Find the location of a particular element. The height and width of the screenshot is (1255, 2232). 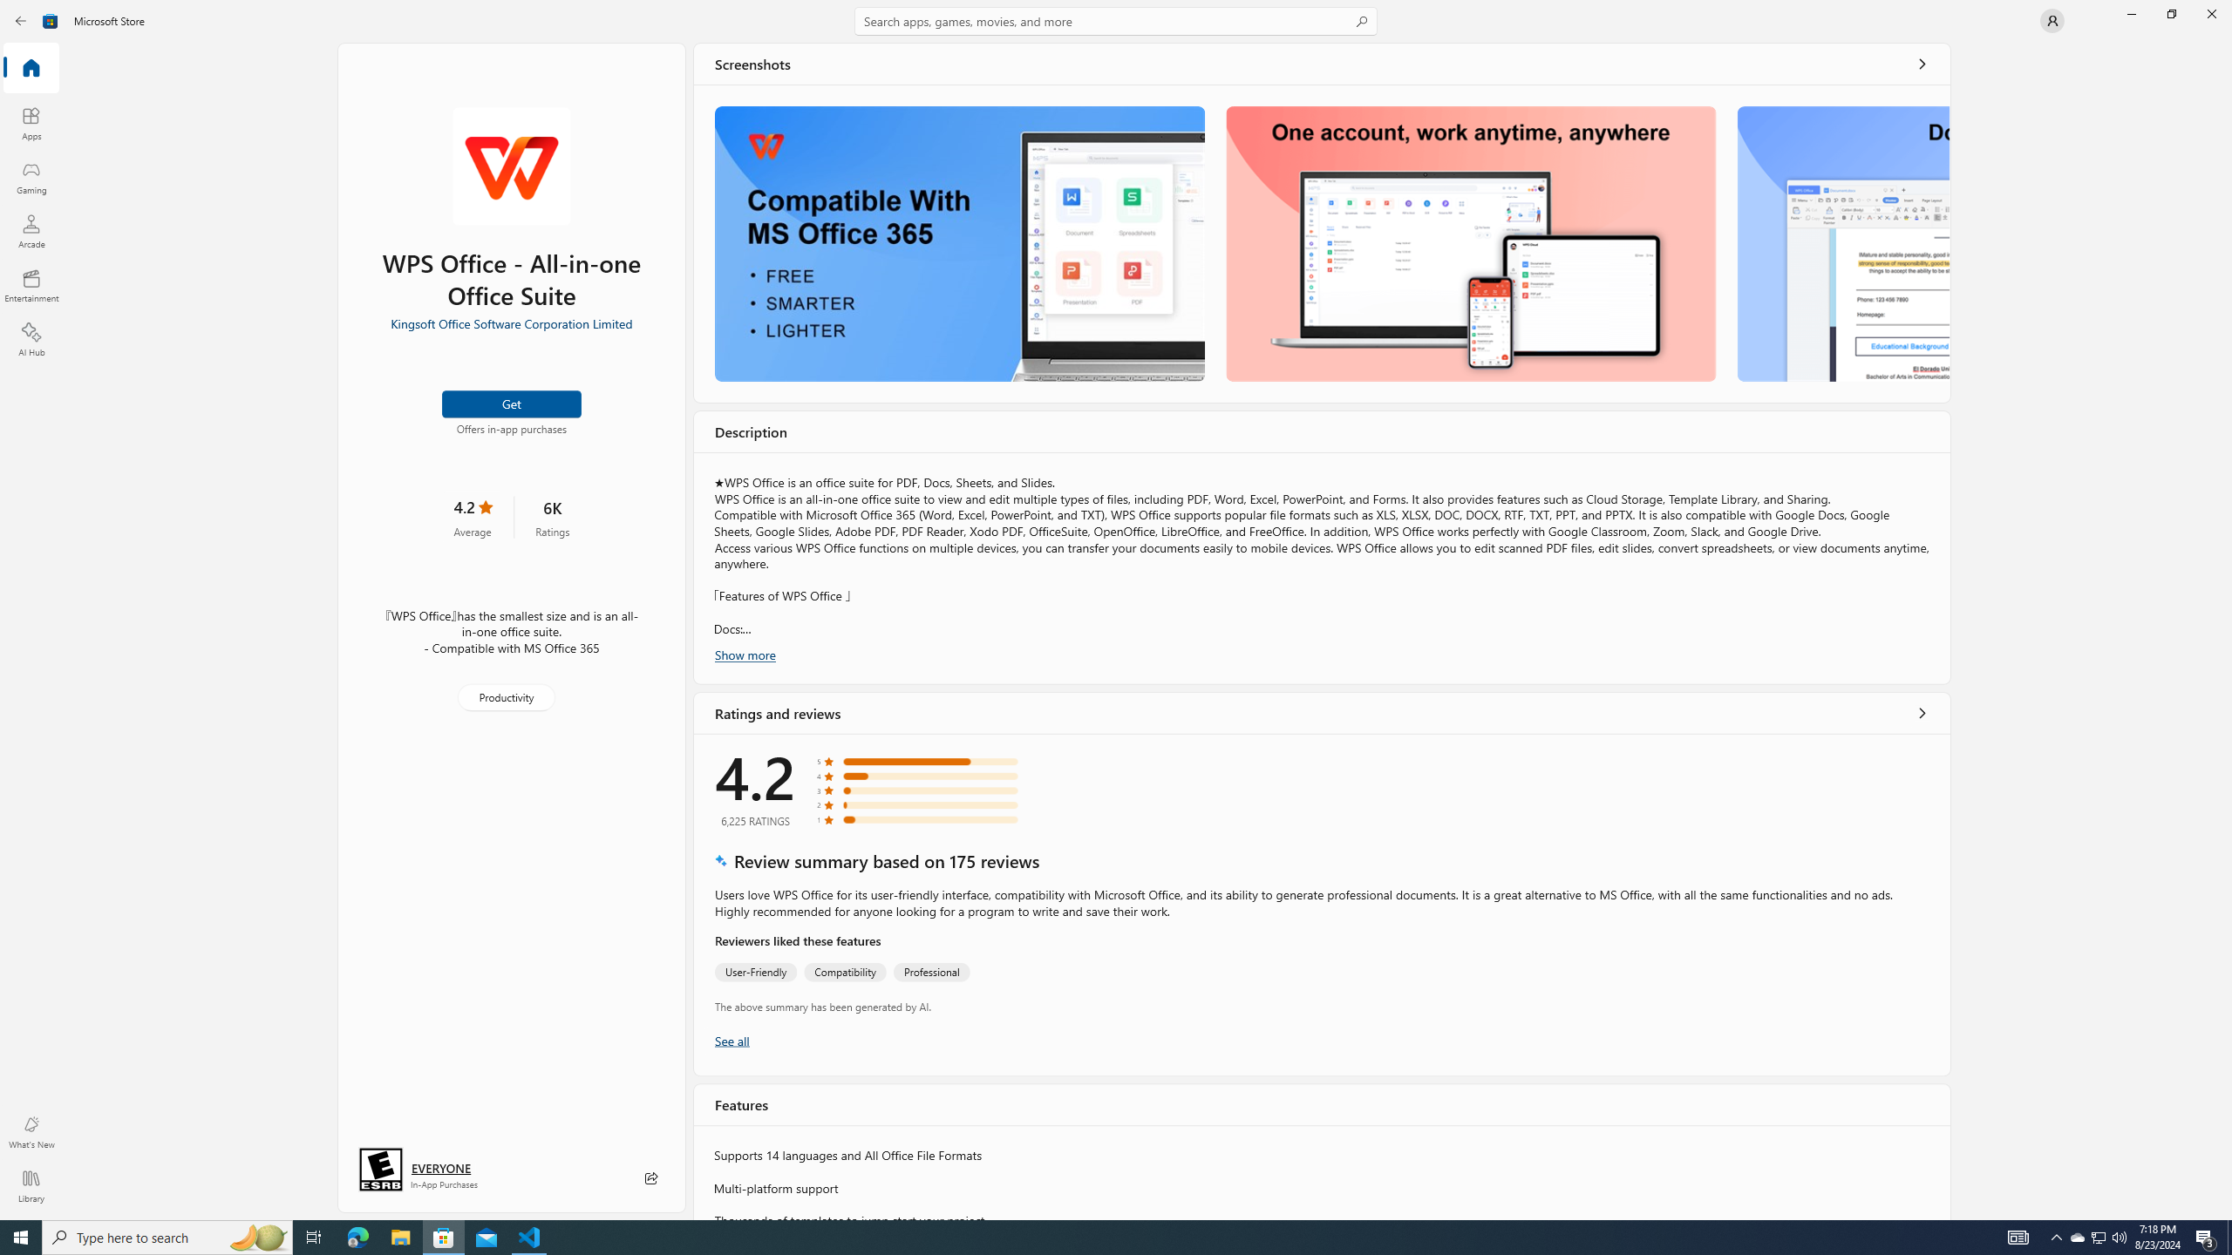

'Back' is located at coordinates (21, 19).